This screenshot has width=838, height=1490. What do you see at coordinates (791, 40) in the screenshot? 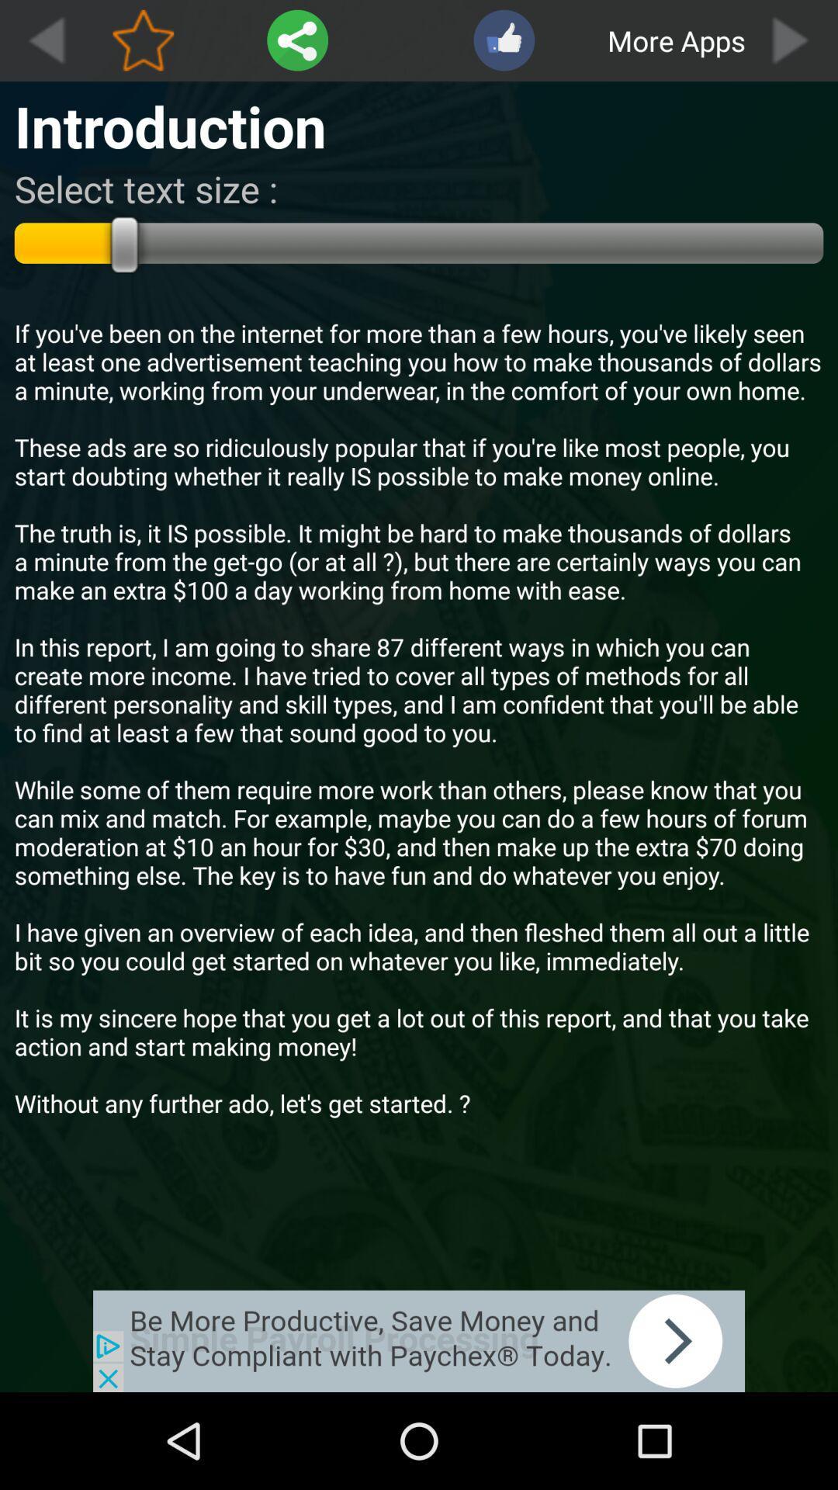
I see `forward` at bounding box center [791, 40].